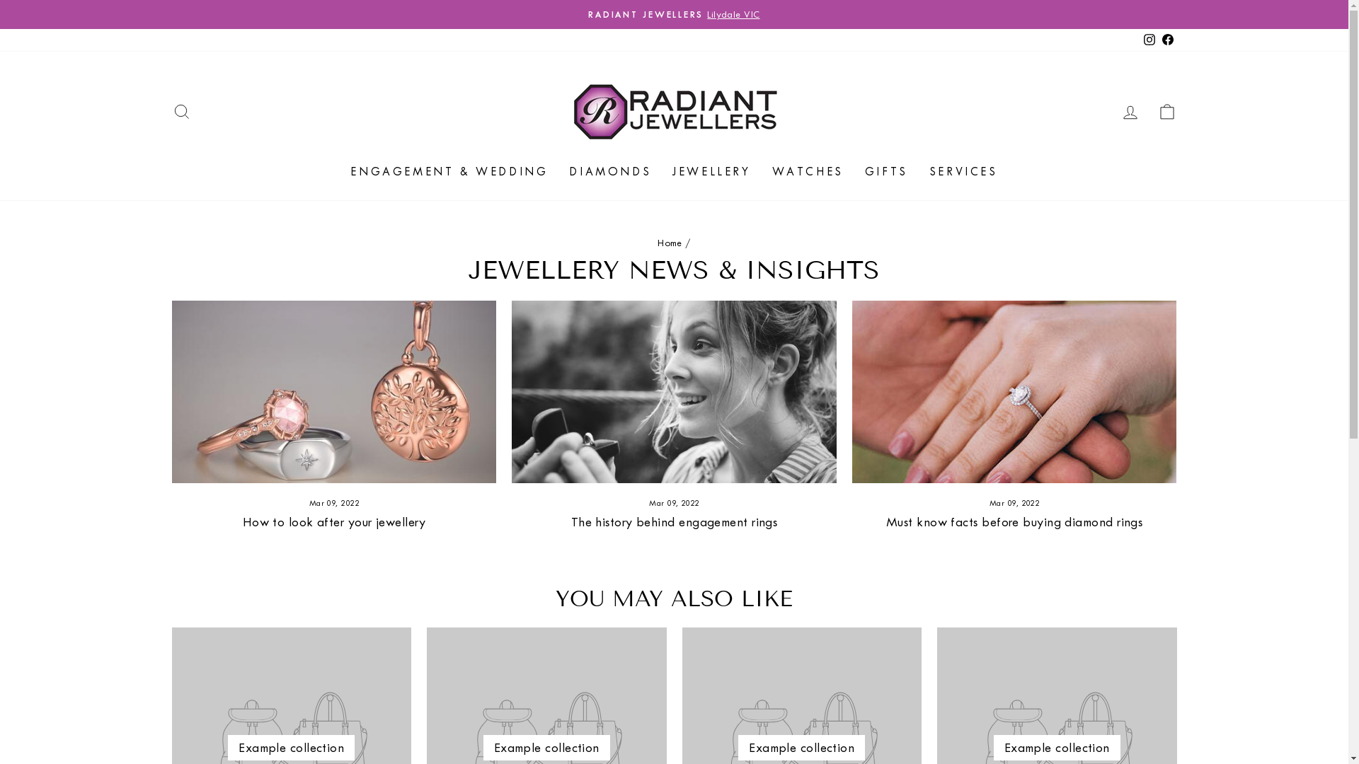 The width and height of the screenshot is (1359, 764). What do you see at coordinates (448, 170) in the screenshot?
I see `'ENGAGEMENT & WEDDING'` at bounding box center [448, 170].